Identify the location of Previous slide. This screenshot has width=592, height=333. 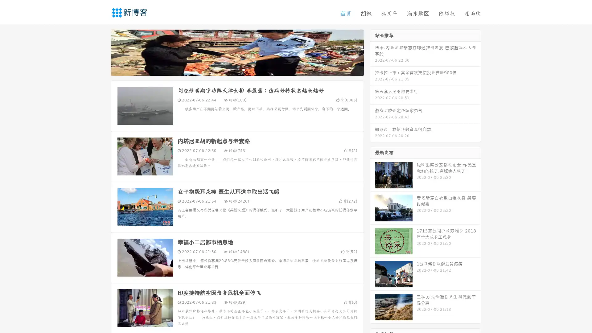
(102, 52).